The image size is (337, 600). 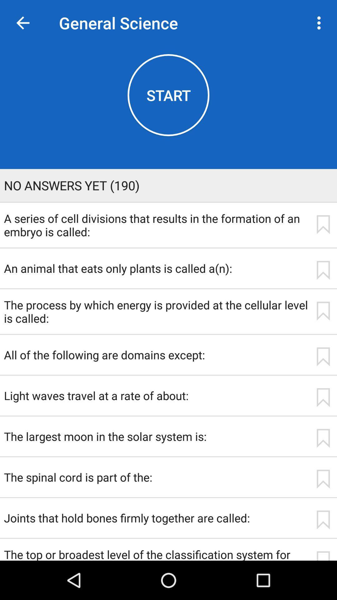 I want to click on the app to the right of the light waves travel item, so click(x=323, y=397).